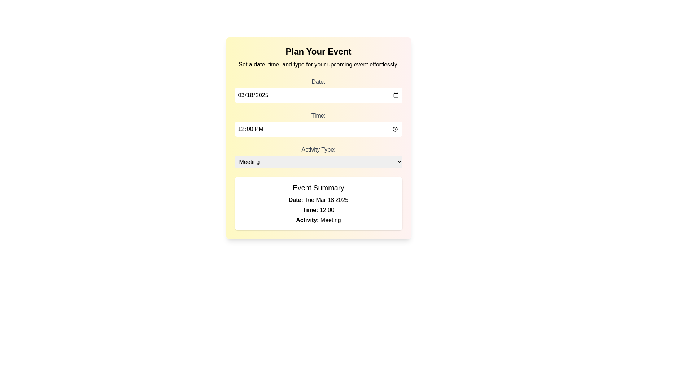 Image resolution: width=693 pixels, height=390 pixels. Describe the element at coordinates (318, 95) in the screenshot. I see `the Date input field by tabbing to it, which is located directly under the 'Date:' label` at that location.